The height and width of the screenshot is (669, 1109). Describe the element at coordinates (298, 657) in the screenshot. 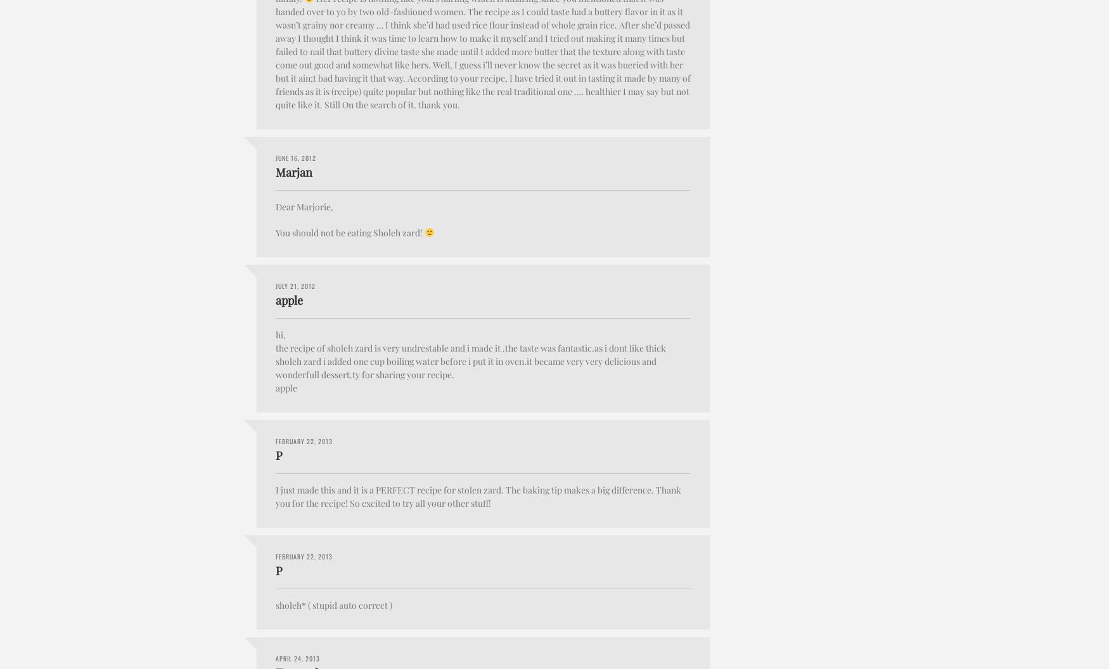

I see `'April 24, 2013'` at that location.